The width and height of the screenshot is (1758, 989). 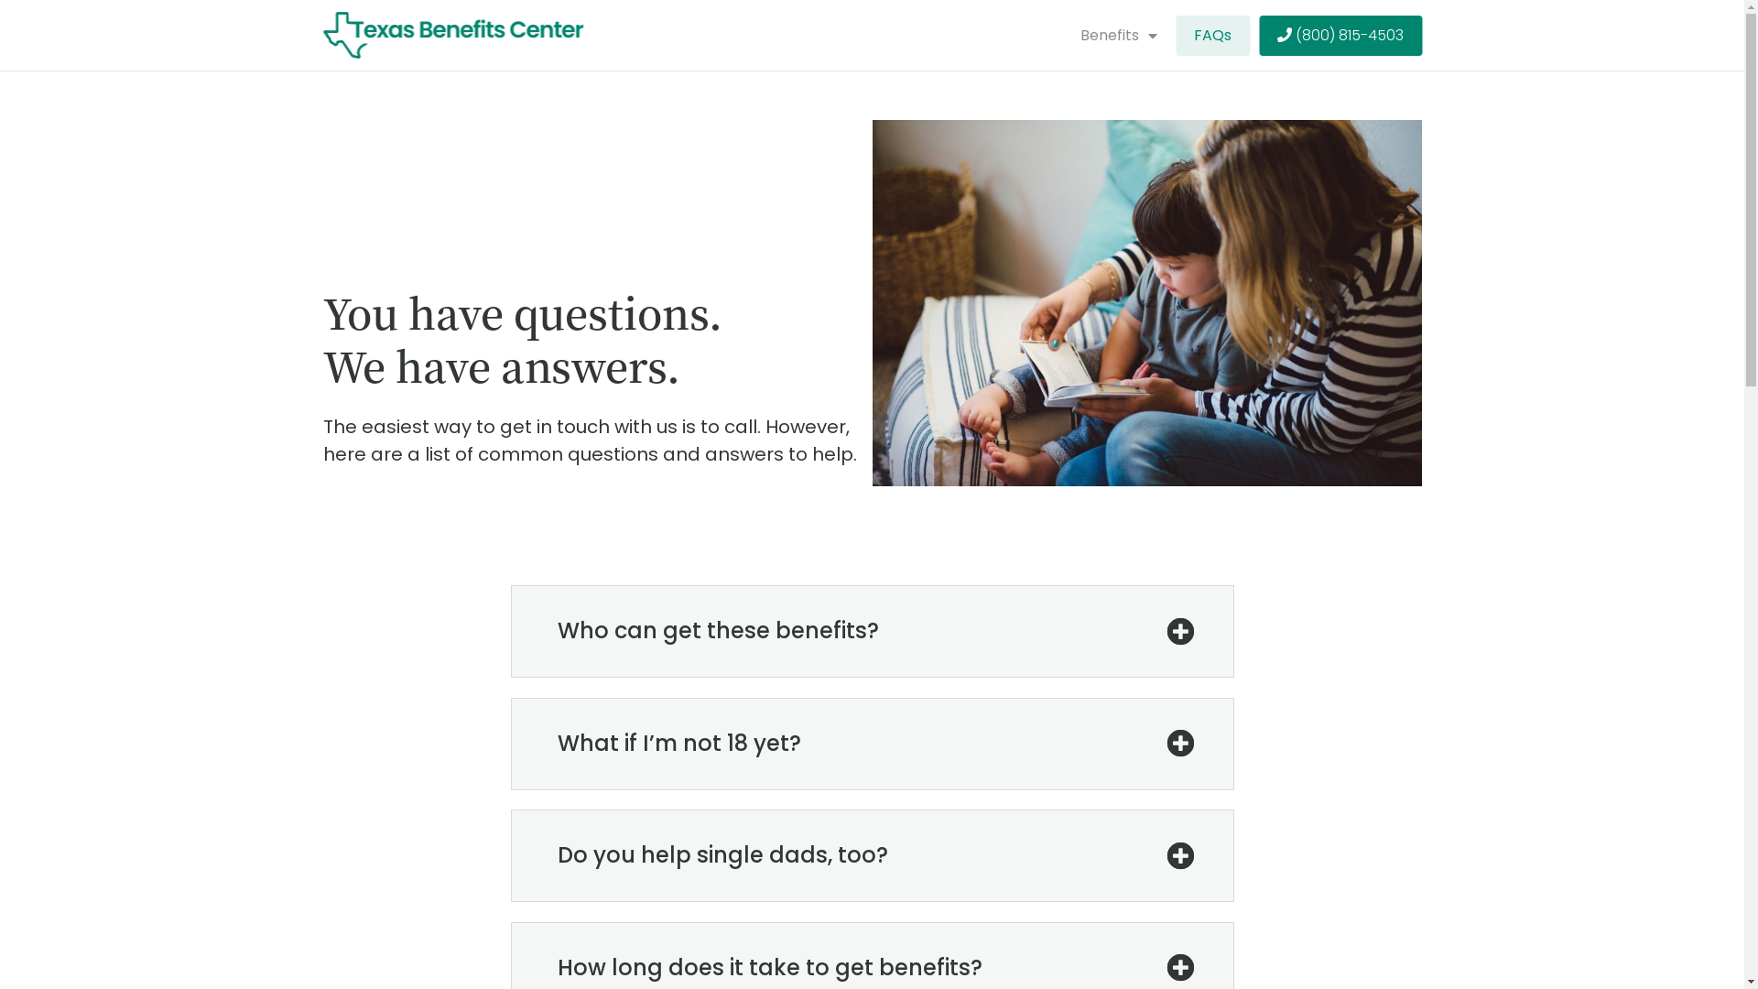 What do you see at coordinates (1212, 35) in the screenshot?
I see `'FAQs'` at bounding box center [1212, 35].